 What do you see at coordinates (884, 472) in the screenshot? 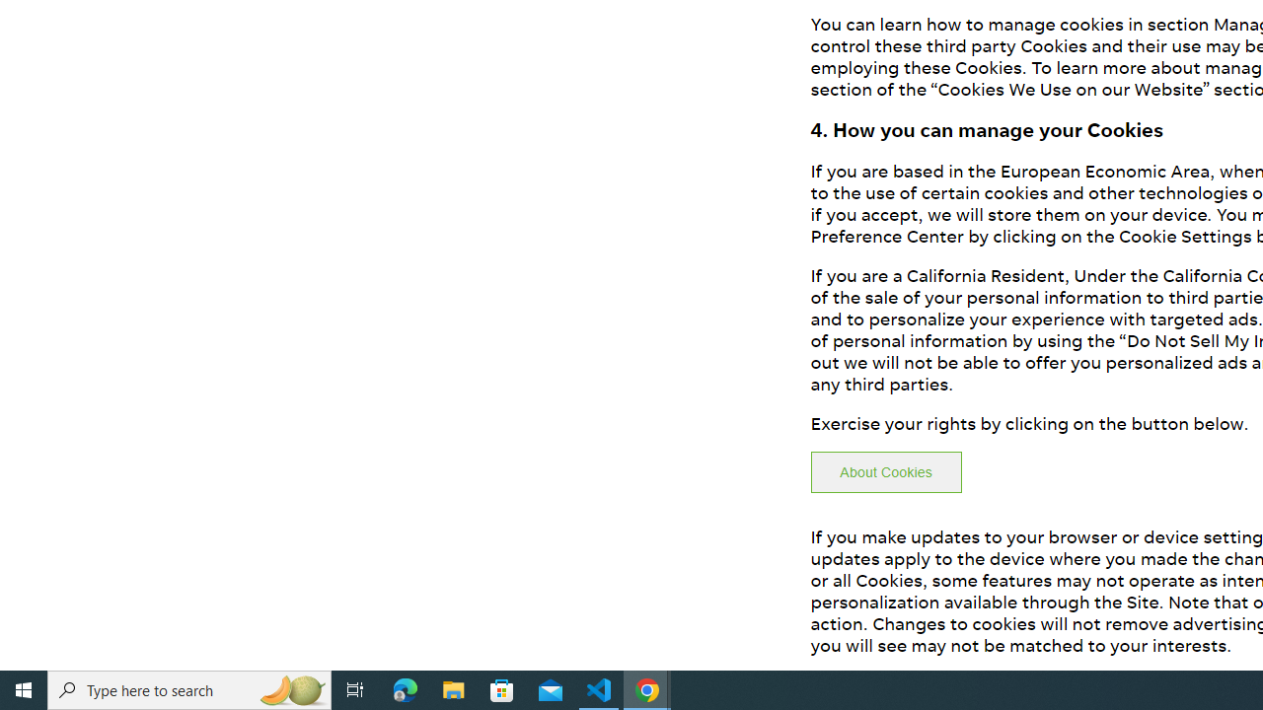
I see `'About Cookies'` at bounding box center [884, 472].